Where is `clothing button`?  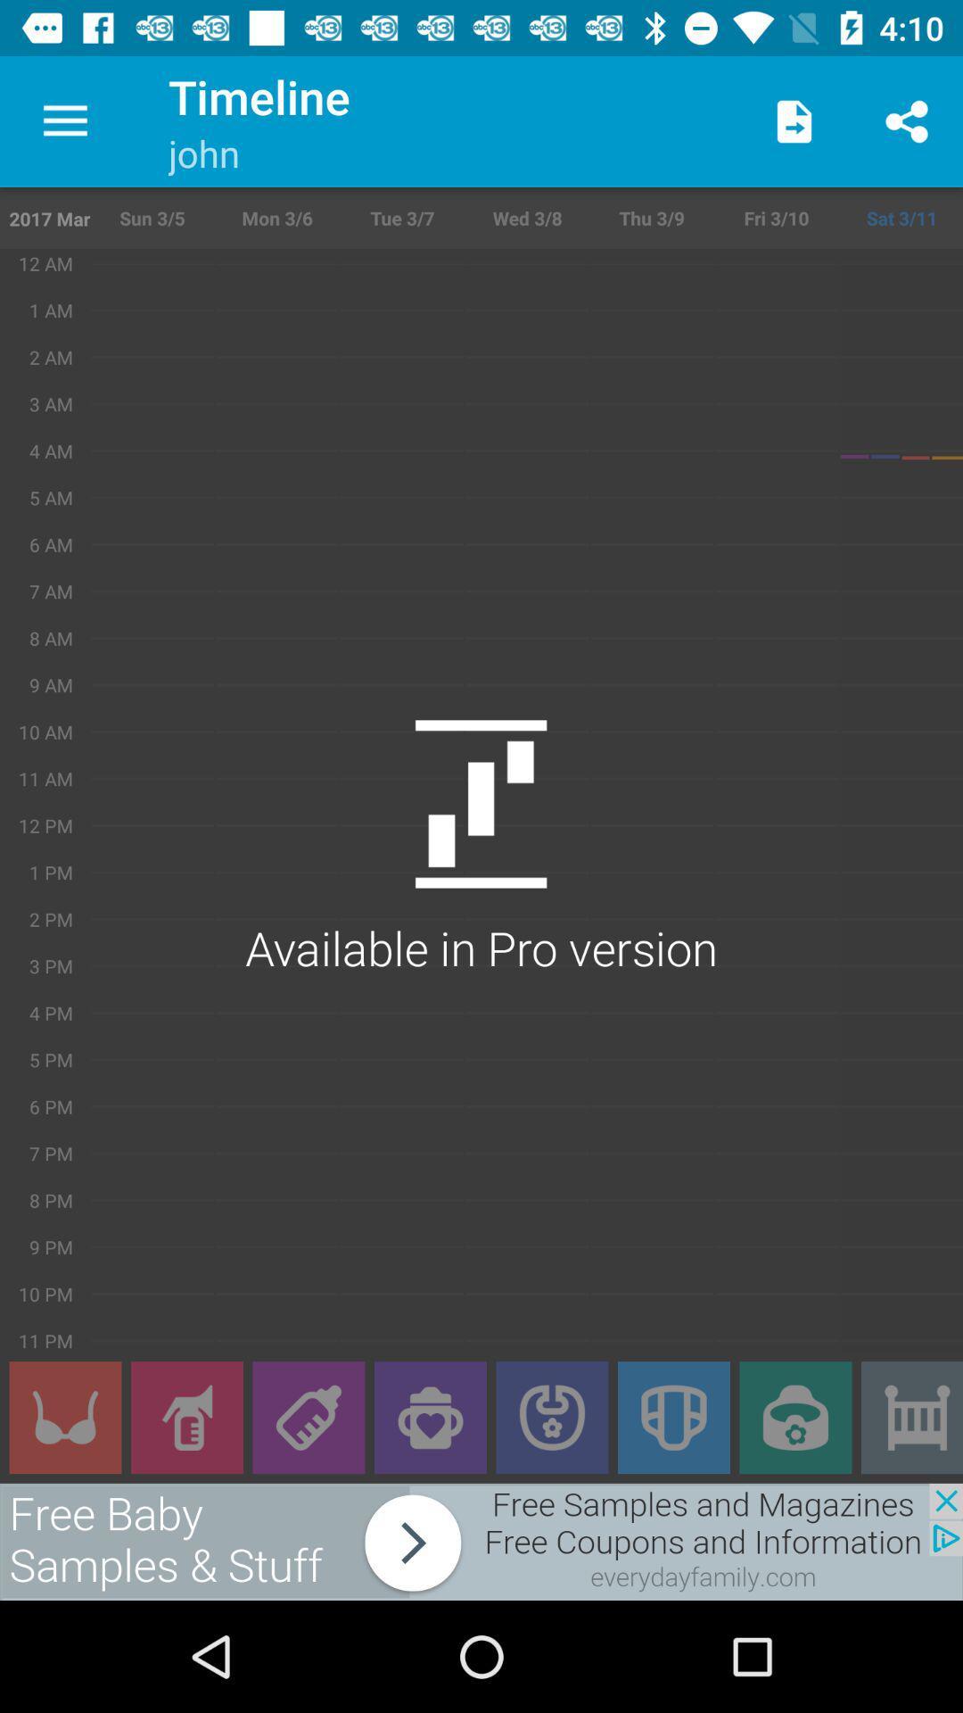 clothing button is located at coordinates (64, 1417).